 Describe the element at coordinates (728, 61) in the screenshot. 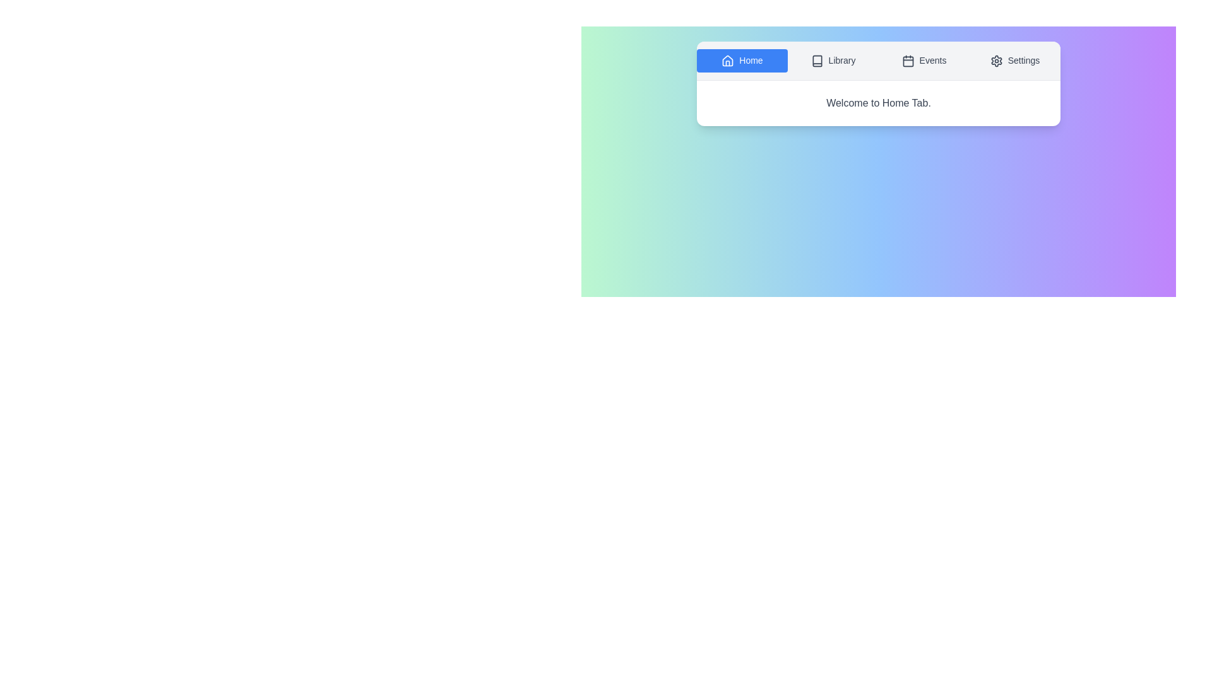

I see `the stylized house icon located within the 'Home' tab button in the navigation bar` at that location.